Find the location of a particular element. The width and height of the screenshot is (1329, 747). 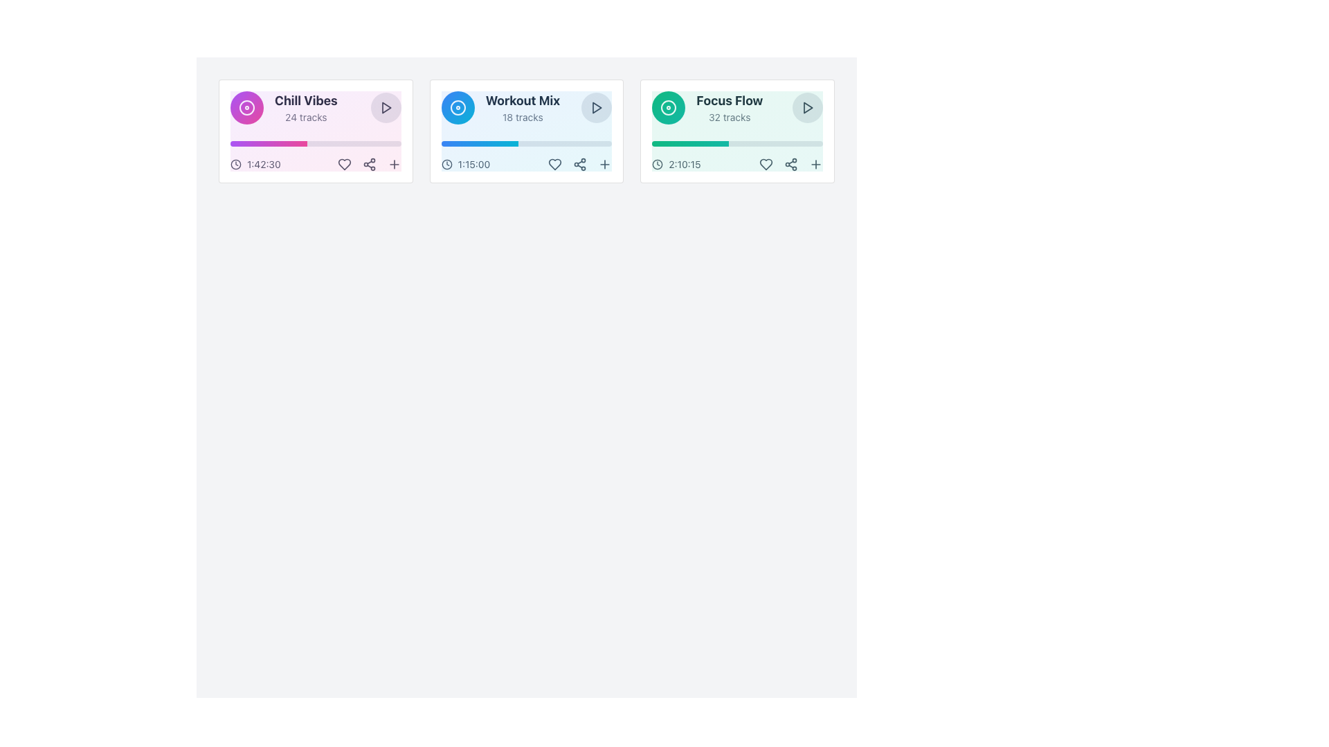

time duration displayed in the Text with icon component located below the title 'Workout Mix' and above the row with heart and share icons in the second card of three horizontally aligned cards is located at coordinates (465, 164).